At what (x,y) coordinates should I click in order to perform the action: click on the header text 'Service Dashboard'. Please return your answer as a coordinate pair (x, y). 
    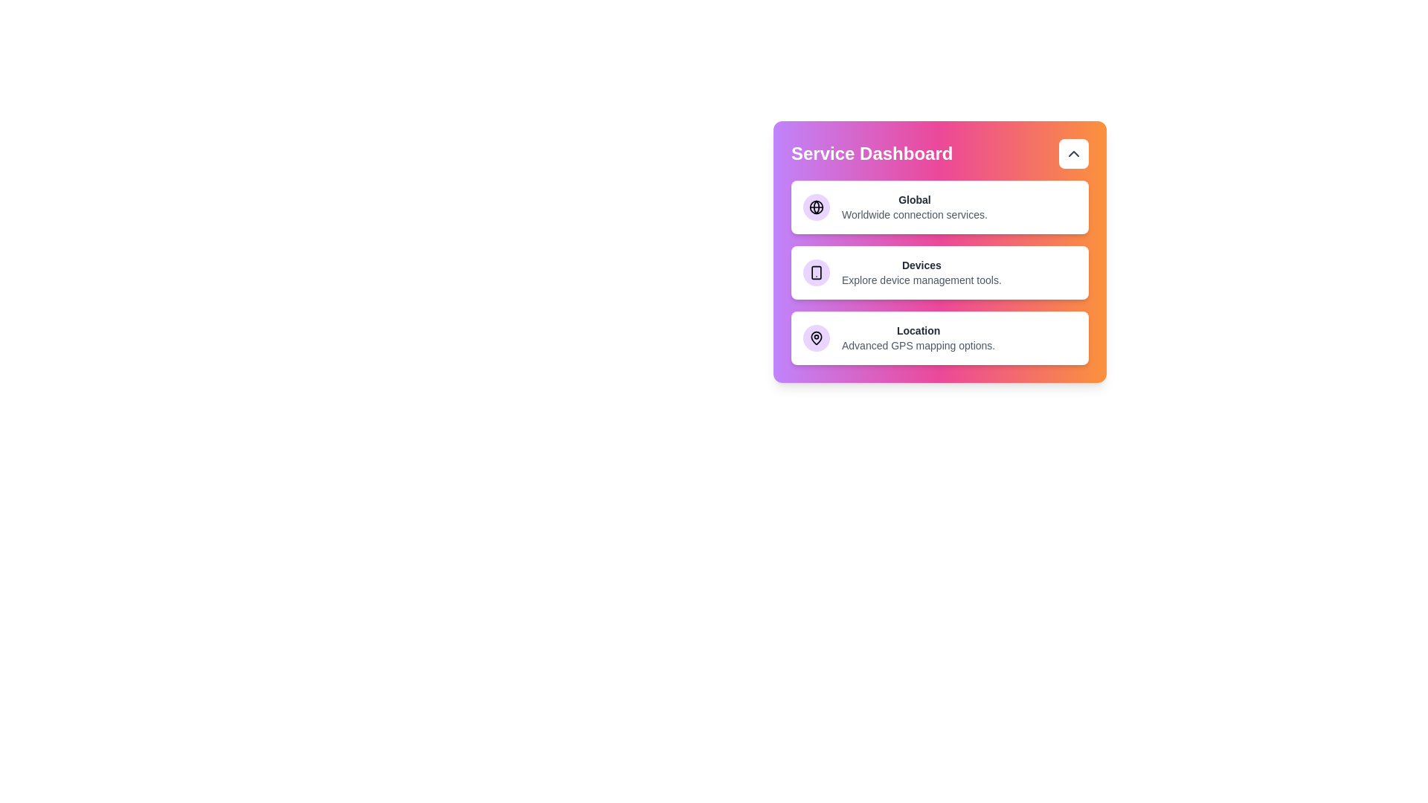
    Looking at the image, I should click on (939, 154).